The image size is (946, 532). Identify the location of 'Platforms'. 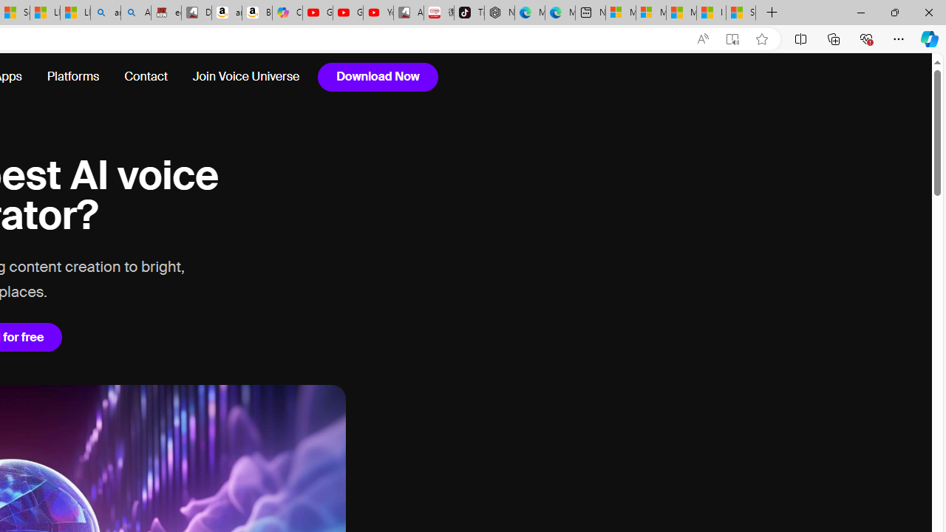
(72, 77).